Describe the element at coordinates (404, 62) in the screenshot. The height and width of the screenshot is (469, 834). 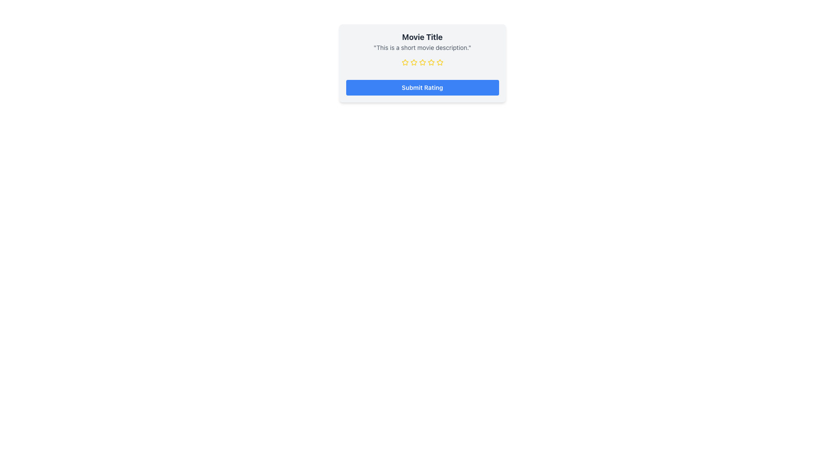
I see `the second star in the rating stars` at that location.